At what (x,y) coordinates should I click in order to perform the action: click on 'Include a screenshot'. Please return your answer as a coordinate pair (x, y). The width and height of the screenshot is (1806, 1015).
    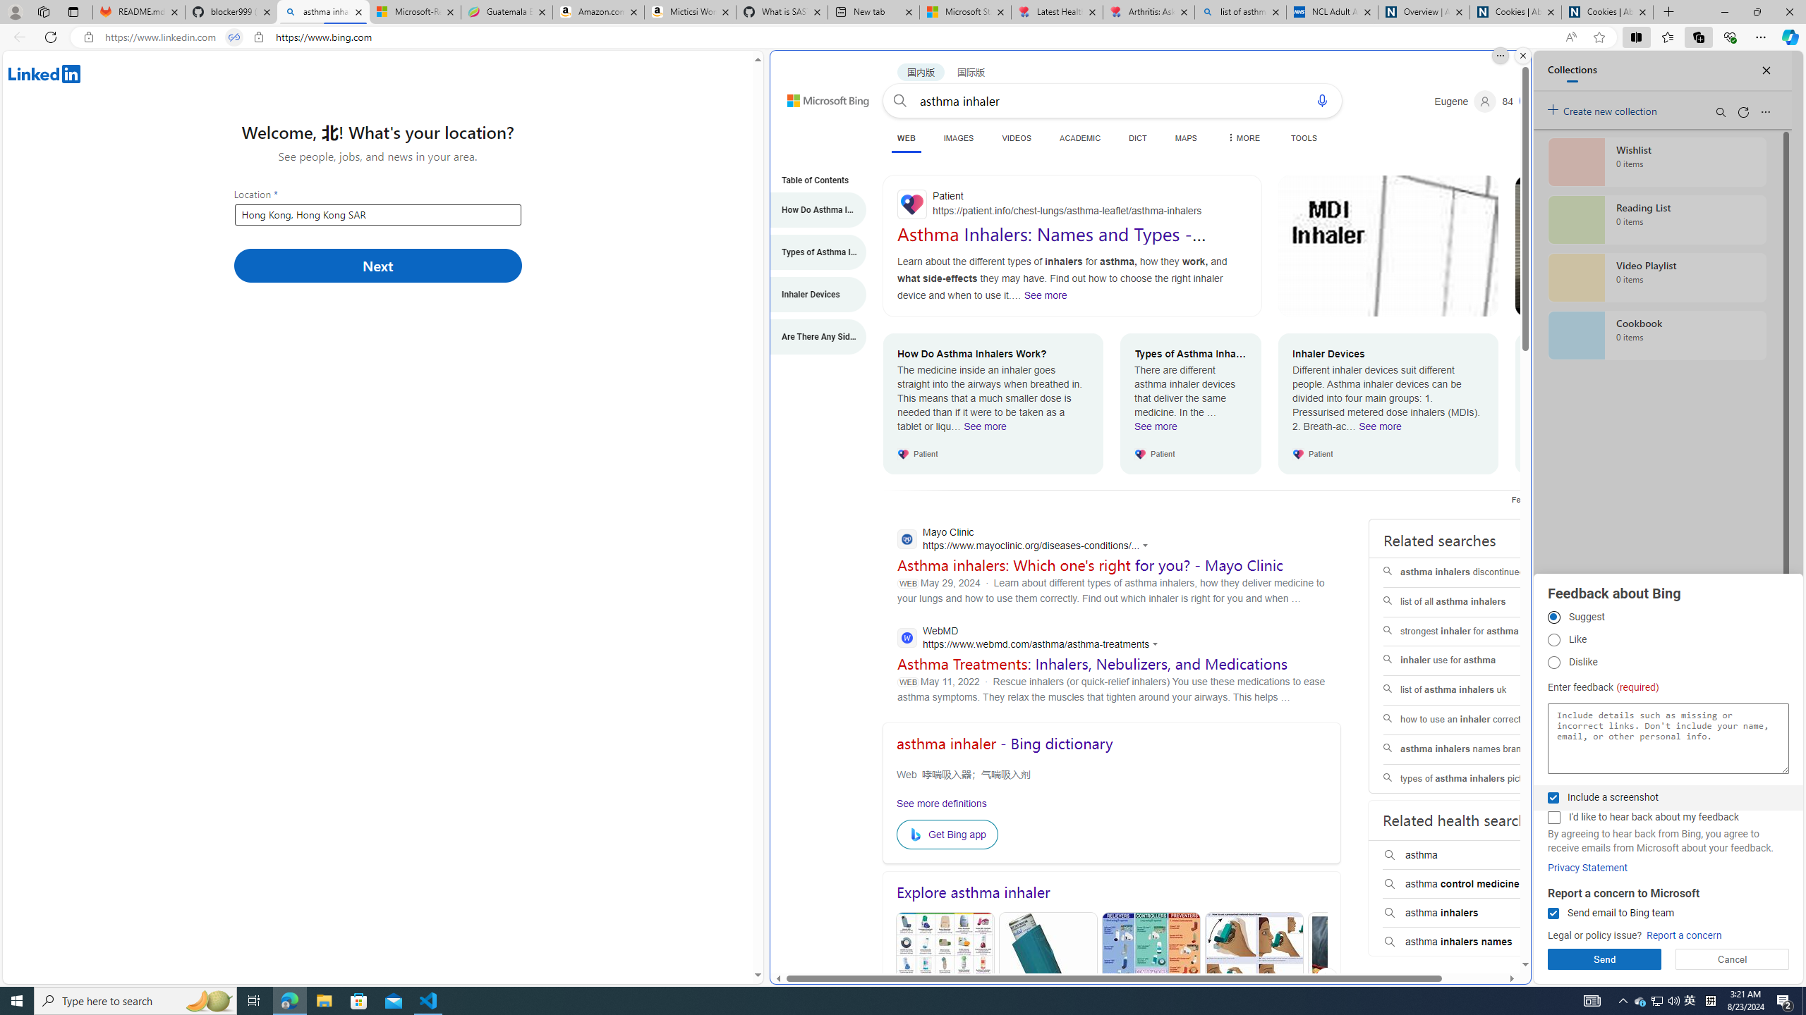
    Looking at the image, I should click on (1553, 797).